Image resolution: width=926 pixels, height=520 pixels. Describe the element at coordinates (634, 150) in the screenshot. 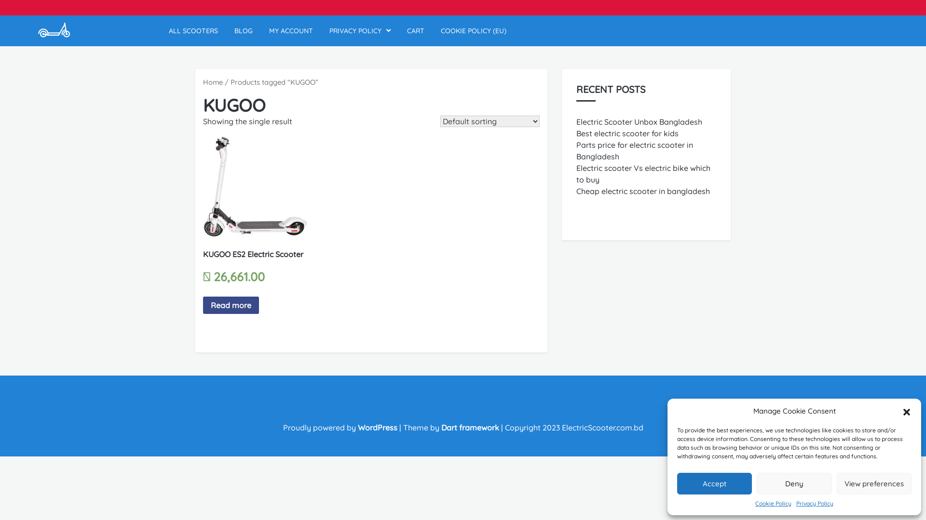

I see `'Parts price for electric scooter in Bangladesh'` at that location.